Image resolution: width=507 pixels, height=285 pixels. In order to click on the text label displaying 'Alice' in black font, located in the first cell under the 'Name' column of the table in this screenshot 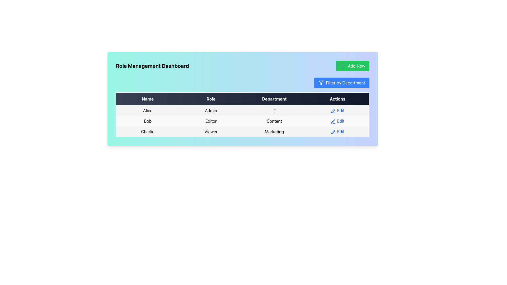, I will do `click(148, 110)`.